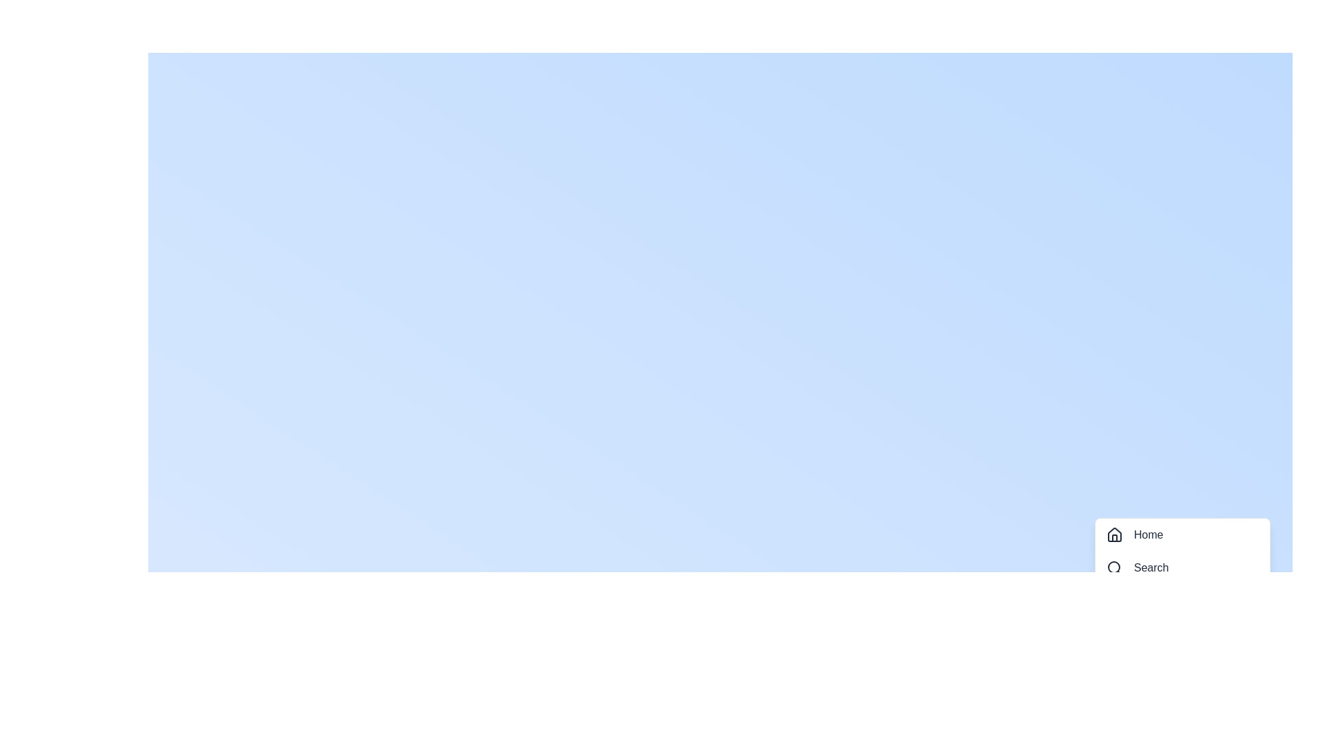 Image resolution: width=1318 pixels, height=741 pixels. I want to click on the navigation button located at the top-left of the vertical list, so click(1182, 534).